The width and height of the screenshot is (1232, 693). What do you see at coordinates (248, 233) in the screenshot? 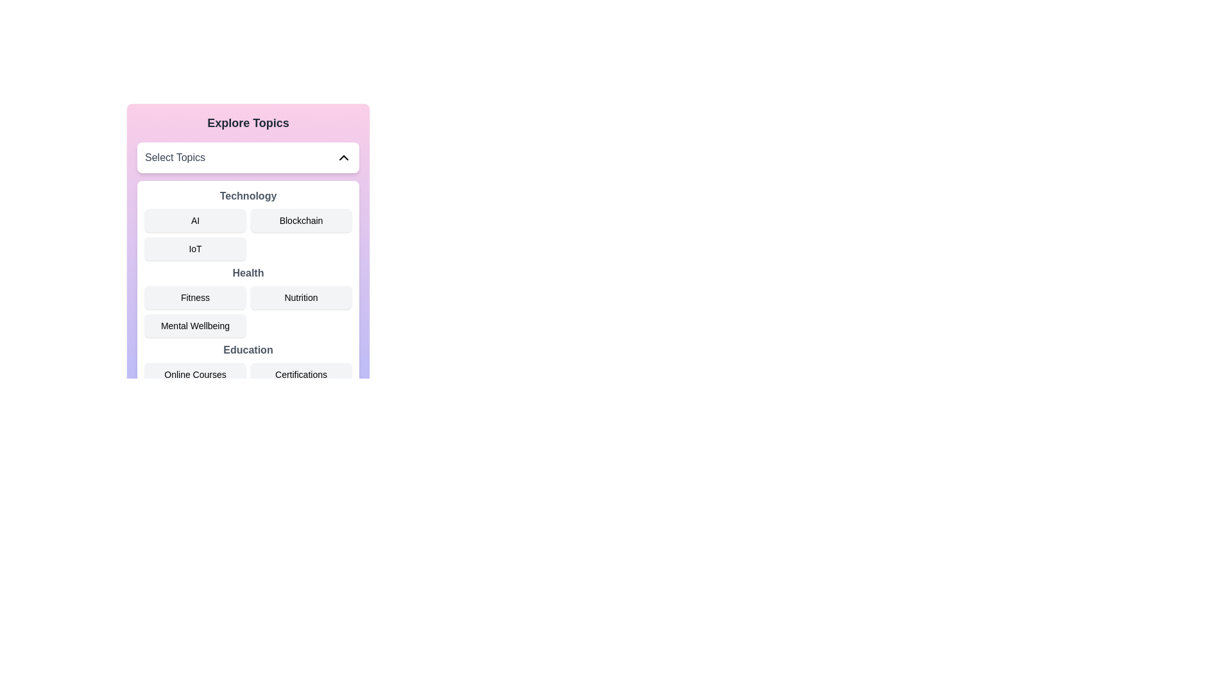
I see `the 'IoT' button located in the second row under the 'Technology' section` at bounding box center [248, 233].